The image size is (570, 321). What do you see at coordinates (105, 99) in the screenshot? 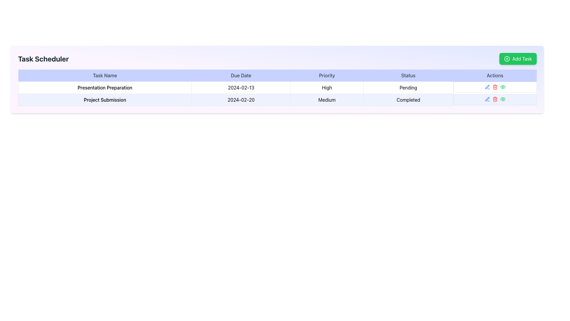
I see `text from the 'Project Submission' text block, which is styled with medium font weight and centered alignment in the task table layout` at bounding box center [105, 99].